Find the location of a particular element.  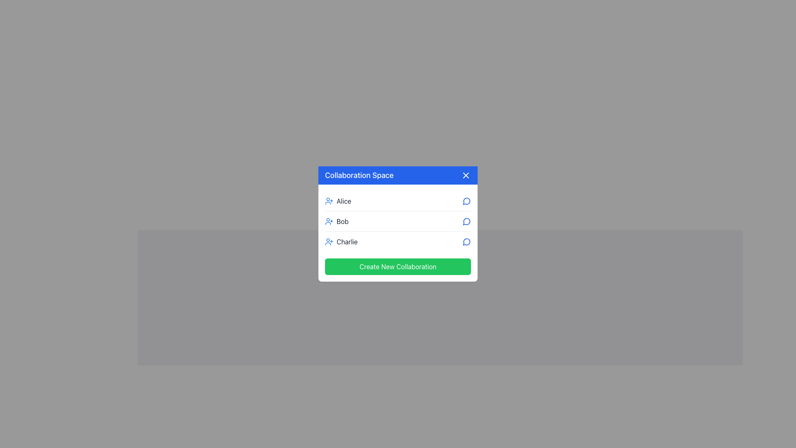

the close button located at the rightmost side of the 'Collaboration Space' dialog is located at coordinates (466, 175).